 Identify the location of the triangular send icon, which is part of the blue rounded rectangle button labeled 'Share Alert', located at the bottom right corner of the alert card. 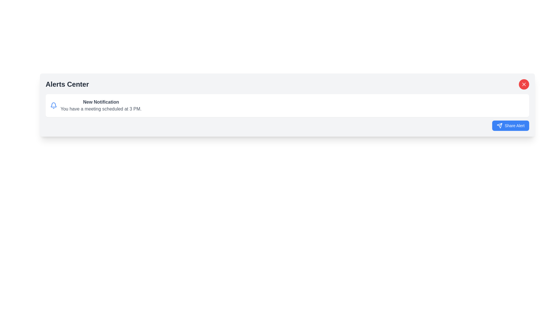
(499, 125).